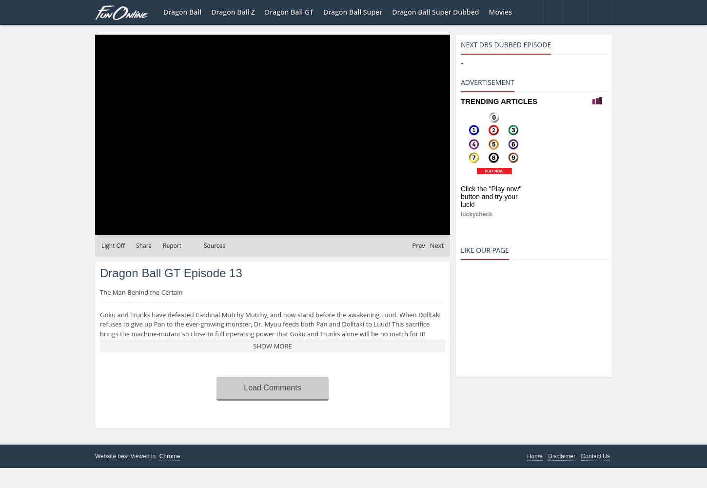 This screenshot has width=707, height=488. Describe the element at coordinates (429, 245) in the screenshot. I see `'Next'` at that location.